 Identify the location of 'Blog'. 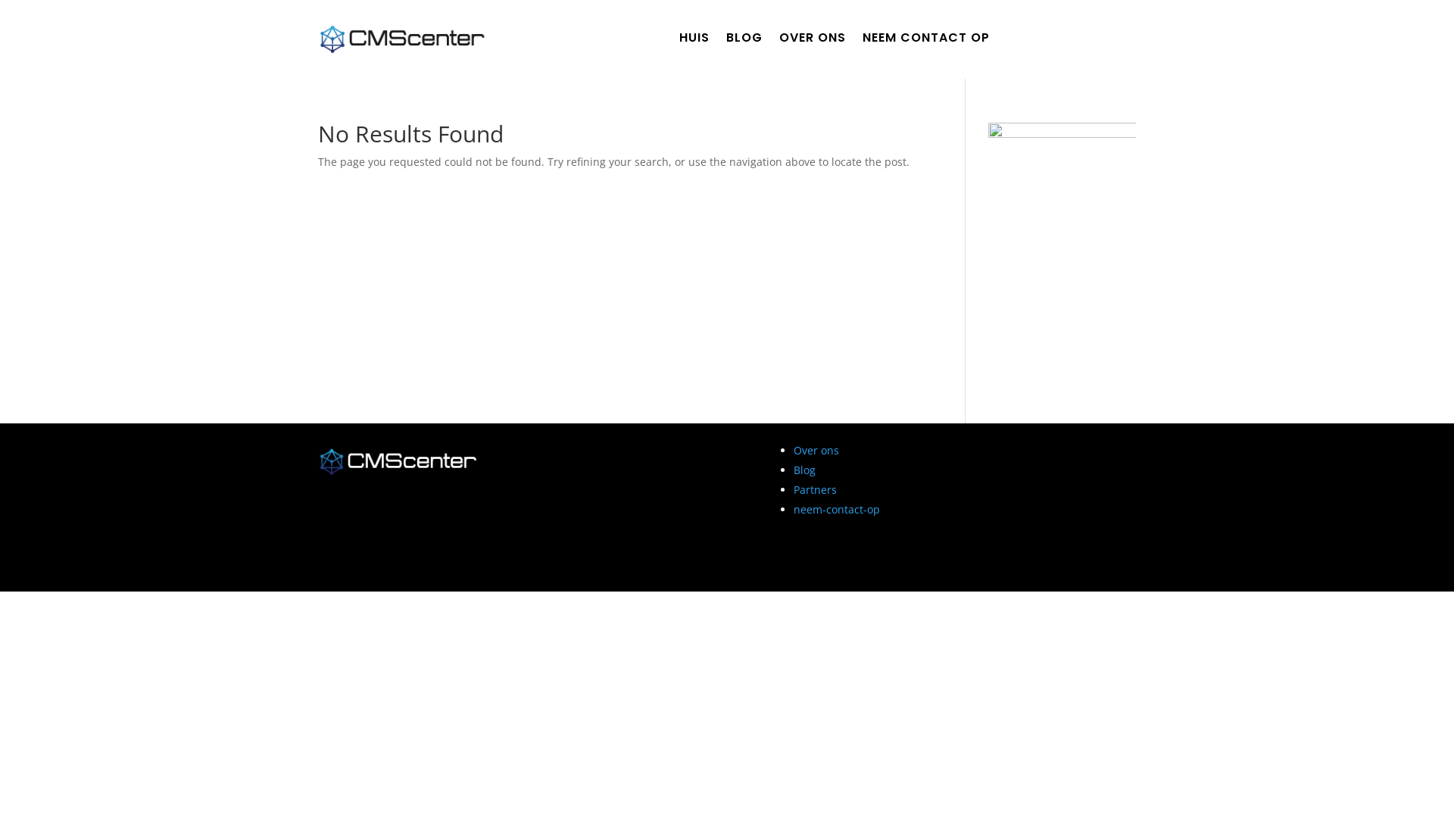
(803, 469).